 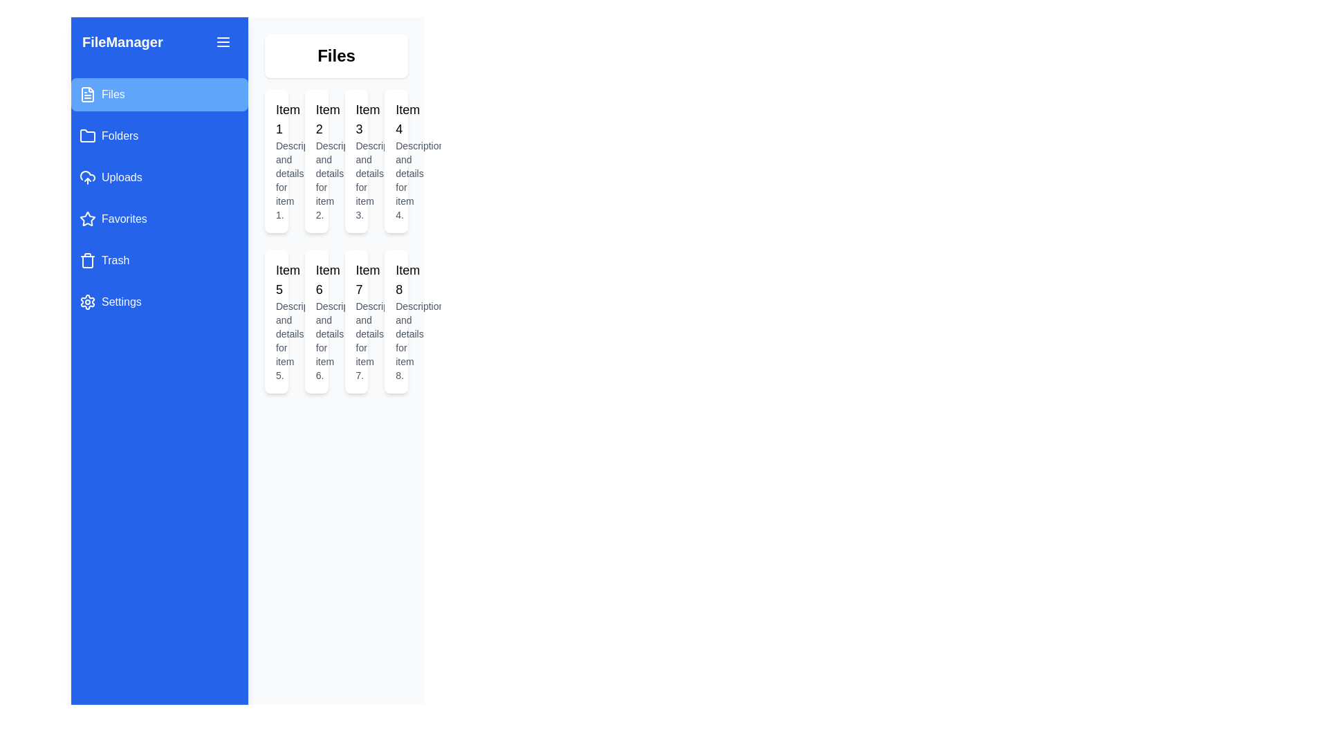 What do you see at coordinates (159, 41) in the screenshot?
I see `the 'FileManager' header in the sidebar, which has a blue background and white bold text` at bounding box center [159, 41].